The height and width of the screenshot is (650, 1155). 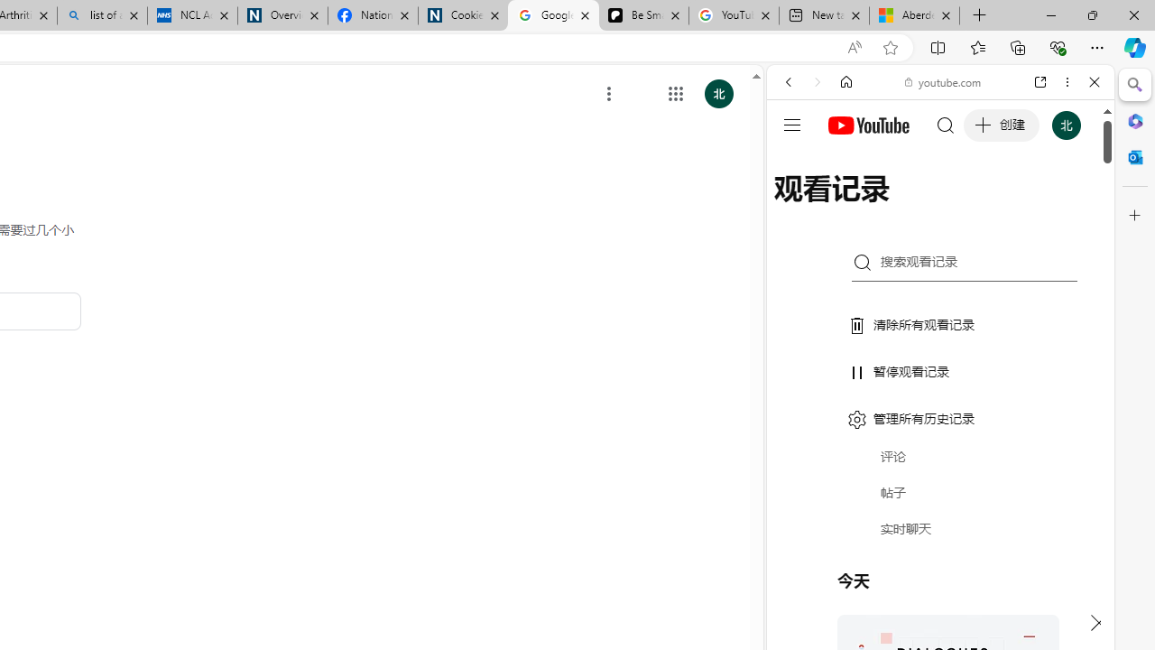 I want to click on 'Class: gb_E', so click(x=675, y=94).